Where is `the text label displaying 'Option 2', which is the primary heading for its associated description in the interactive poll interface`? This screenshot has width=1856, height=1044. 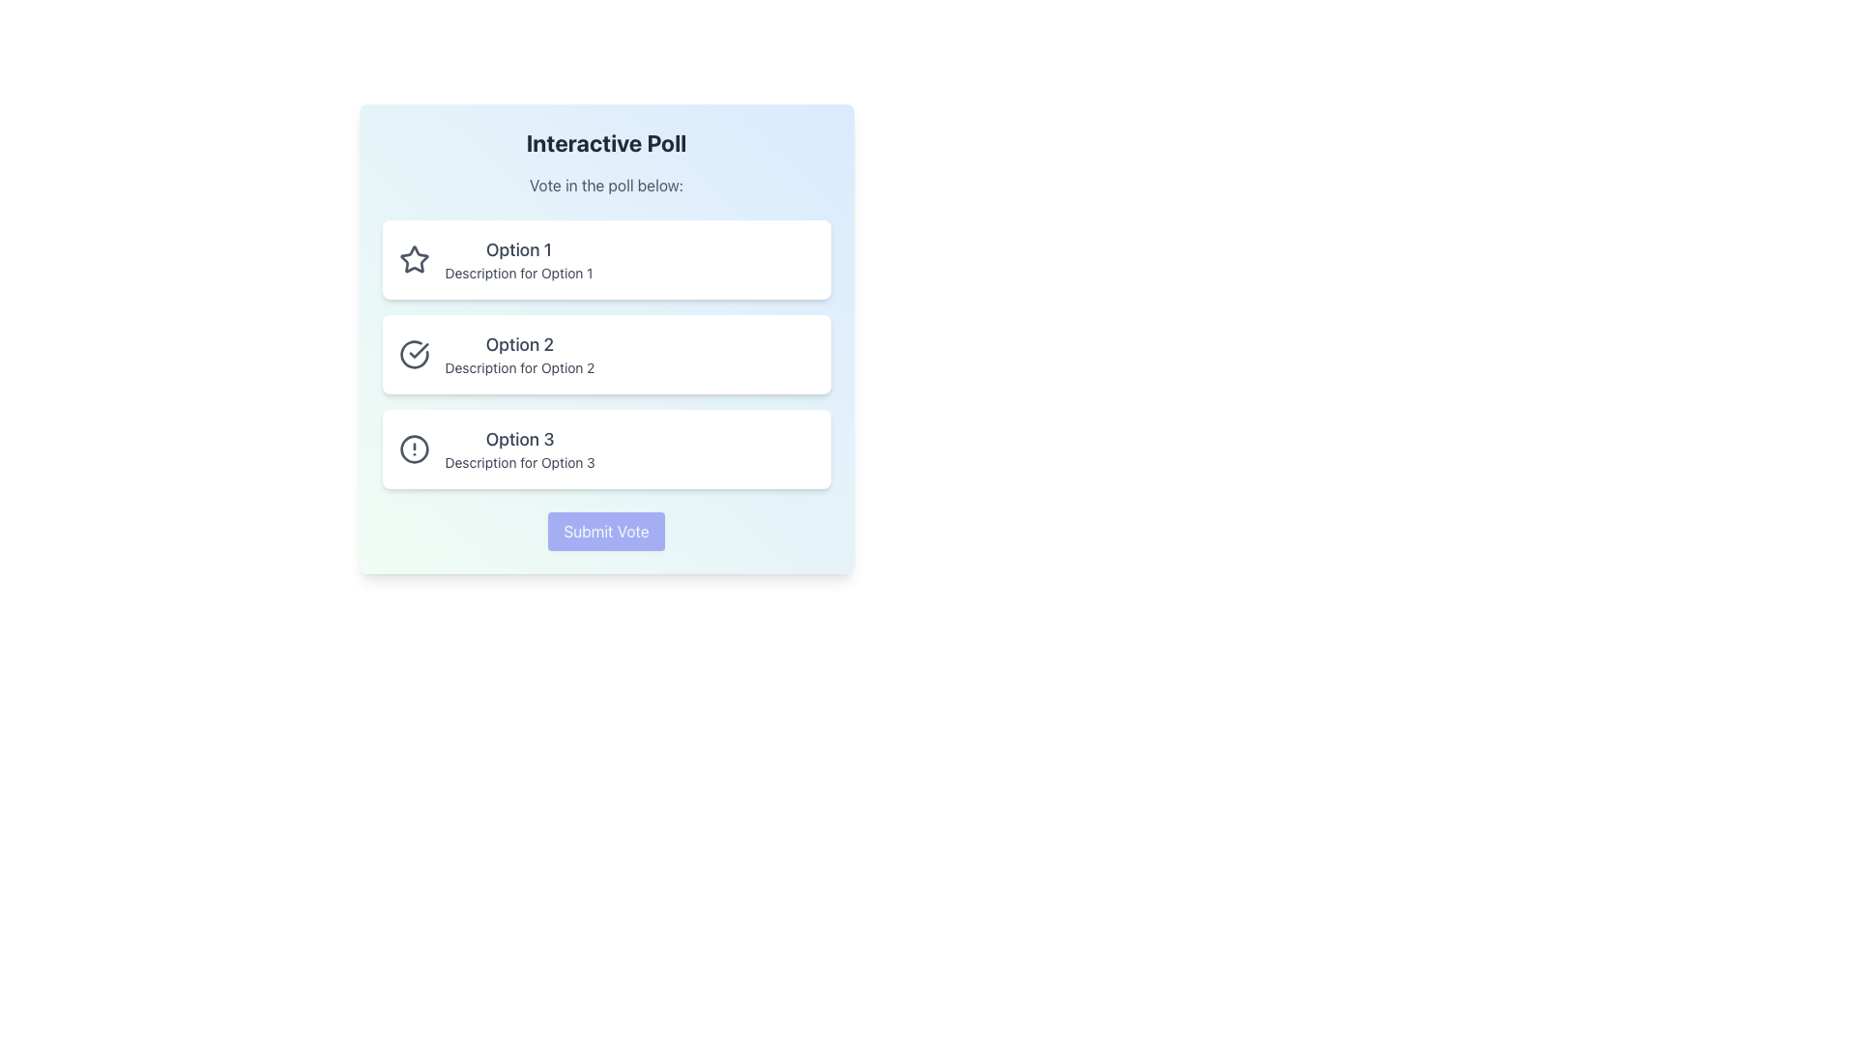 the text label displaying 'Option 2', which is the primary heading for its associated description in the interactive poll interface is located at coordinates (519, 344).